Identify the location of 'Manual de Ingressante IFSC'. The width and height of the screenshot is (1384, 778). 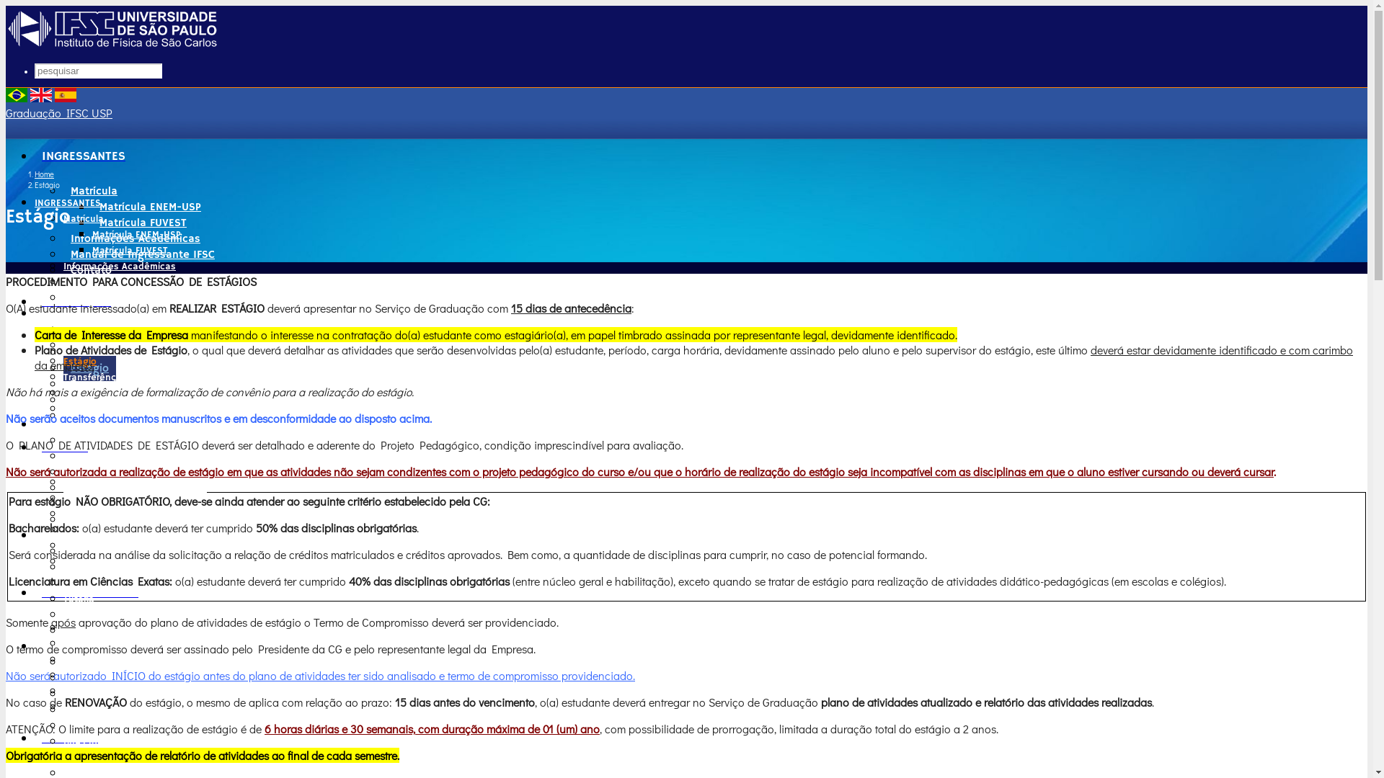
(125, 282).